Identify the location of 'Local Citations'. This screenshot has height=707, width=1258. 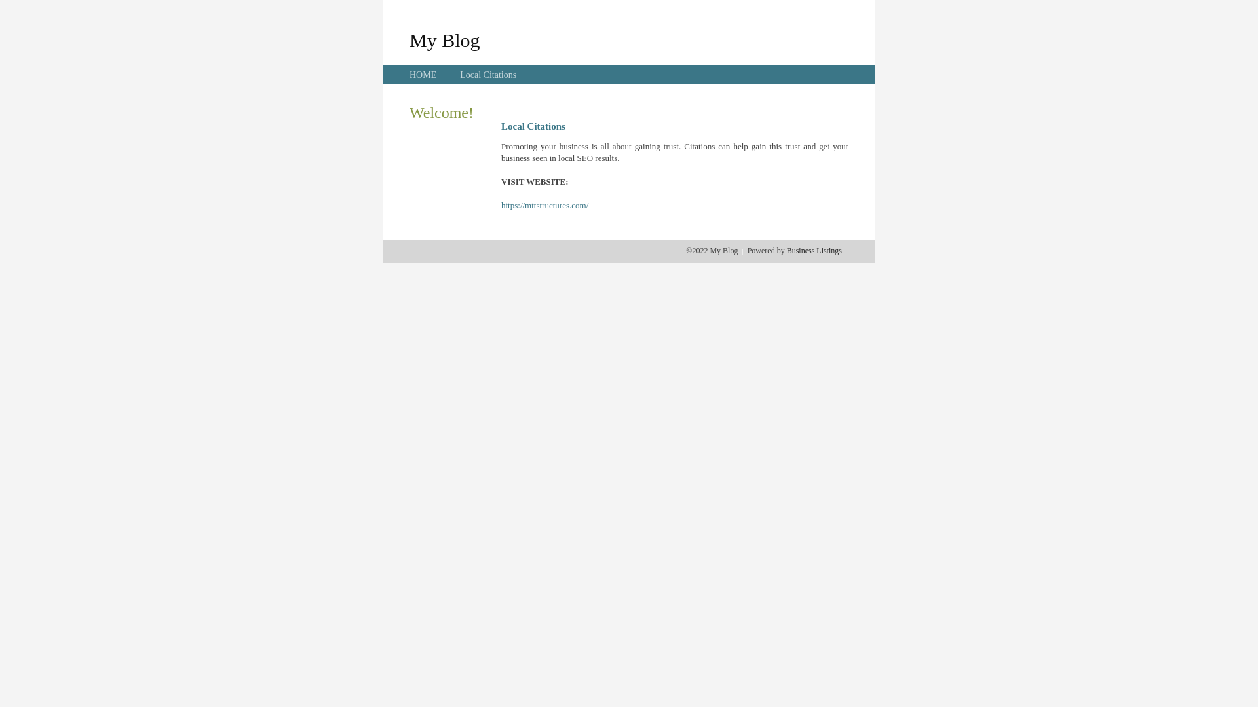
(487, 75).